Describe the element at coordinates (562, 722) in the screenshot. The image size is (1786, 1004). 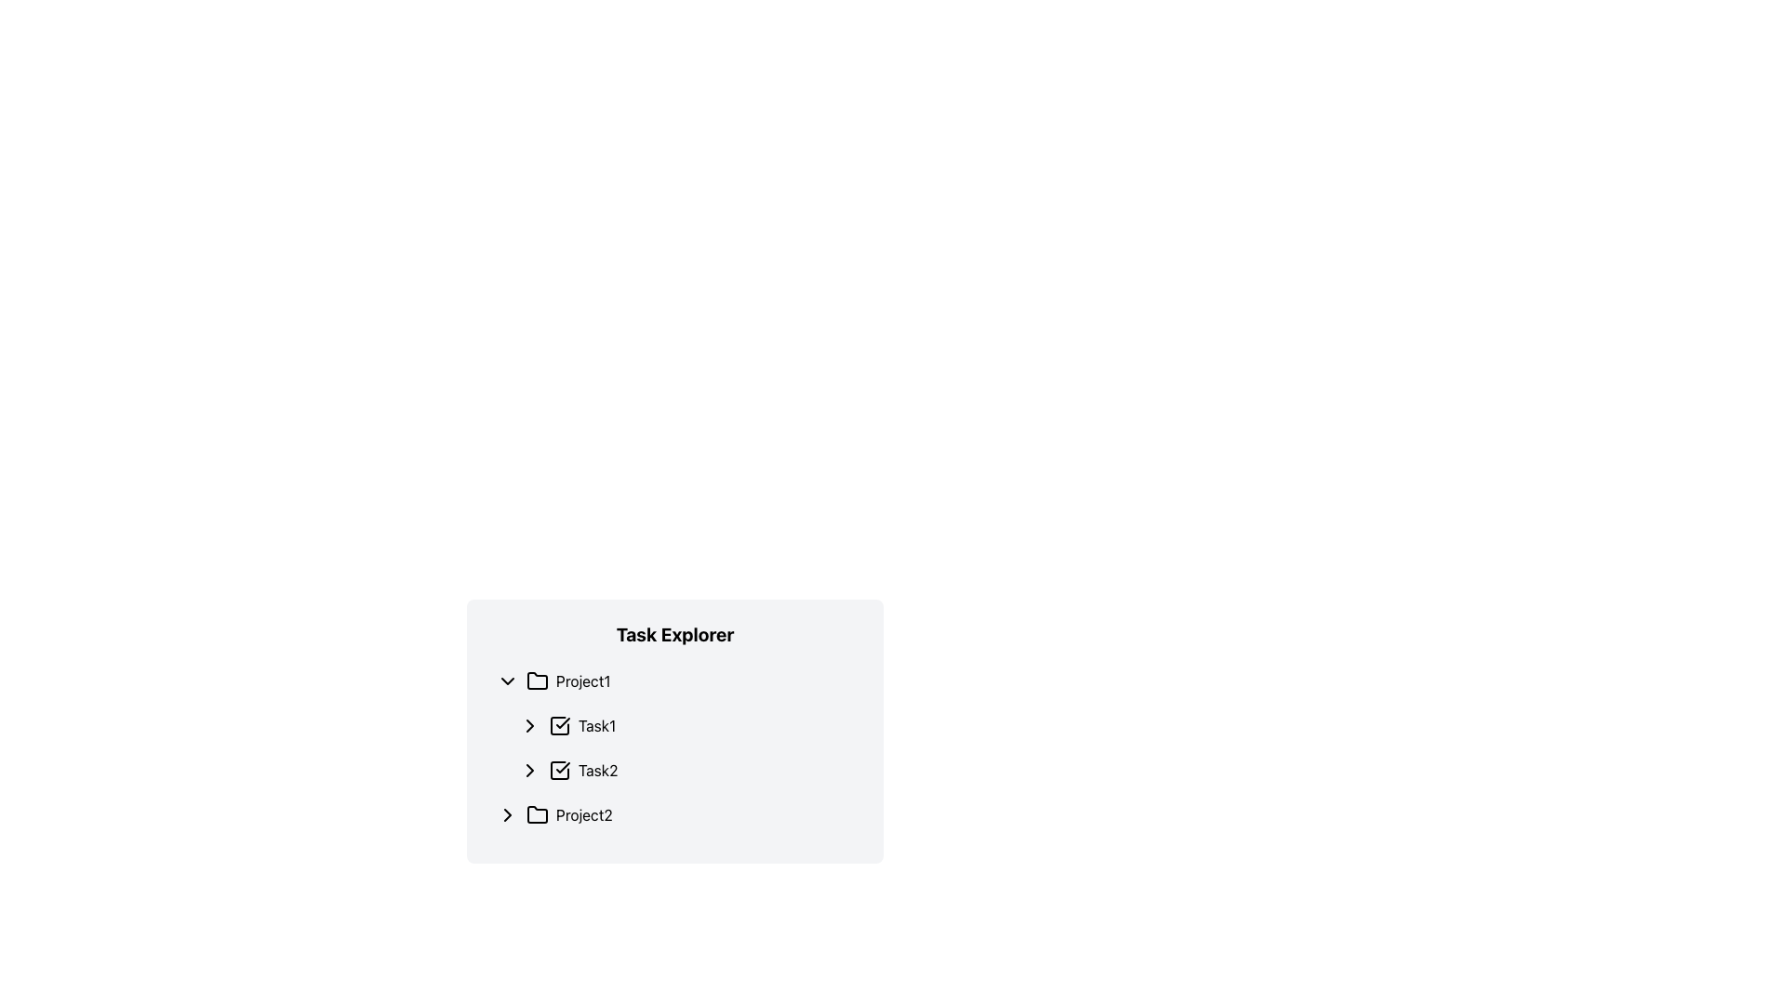
I see `the SVG checkmark icon located within the task list under 'Project1', adjacent to 'Task1'` at that location.